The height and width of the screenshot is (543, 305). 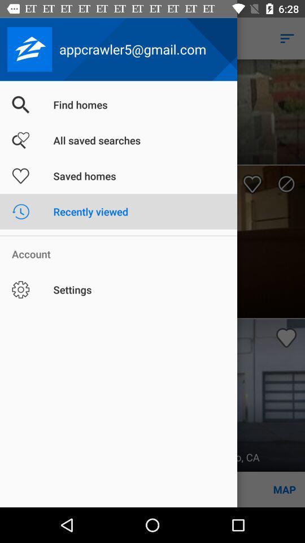 What do you see at coordinates (287, 38) in the screenshot?
I see `sort icon which is at the top right corner` at bounding box center [287, 38].